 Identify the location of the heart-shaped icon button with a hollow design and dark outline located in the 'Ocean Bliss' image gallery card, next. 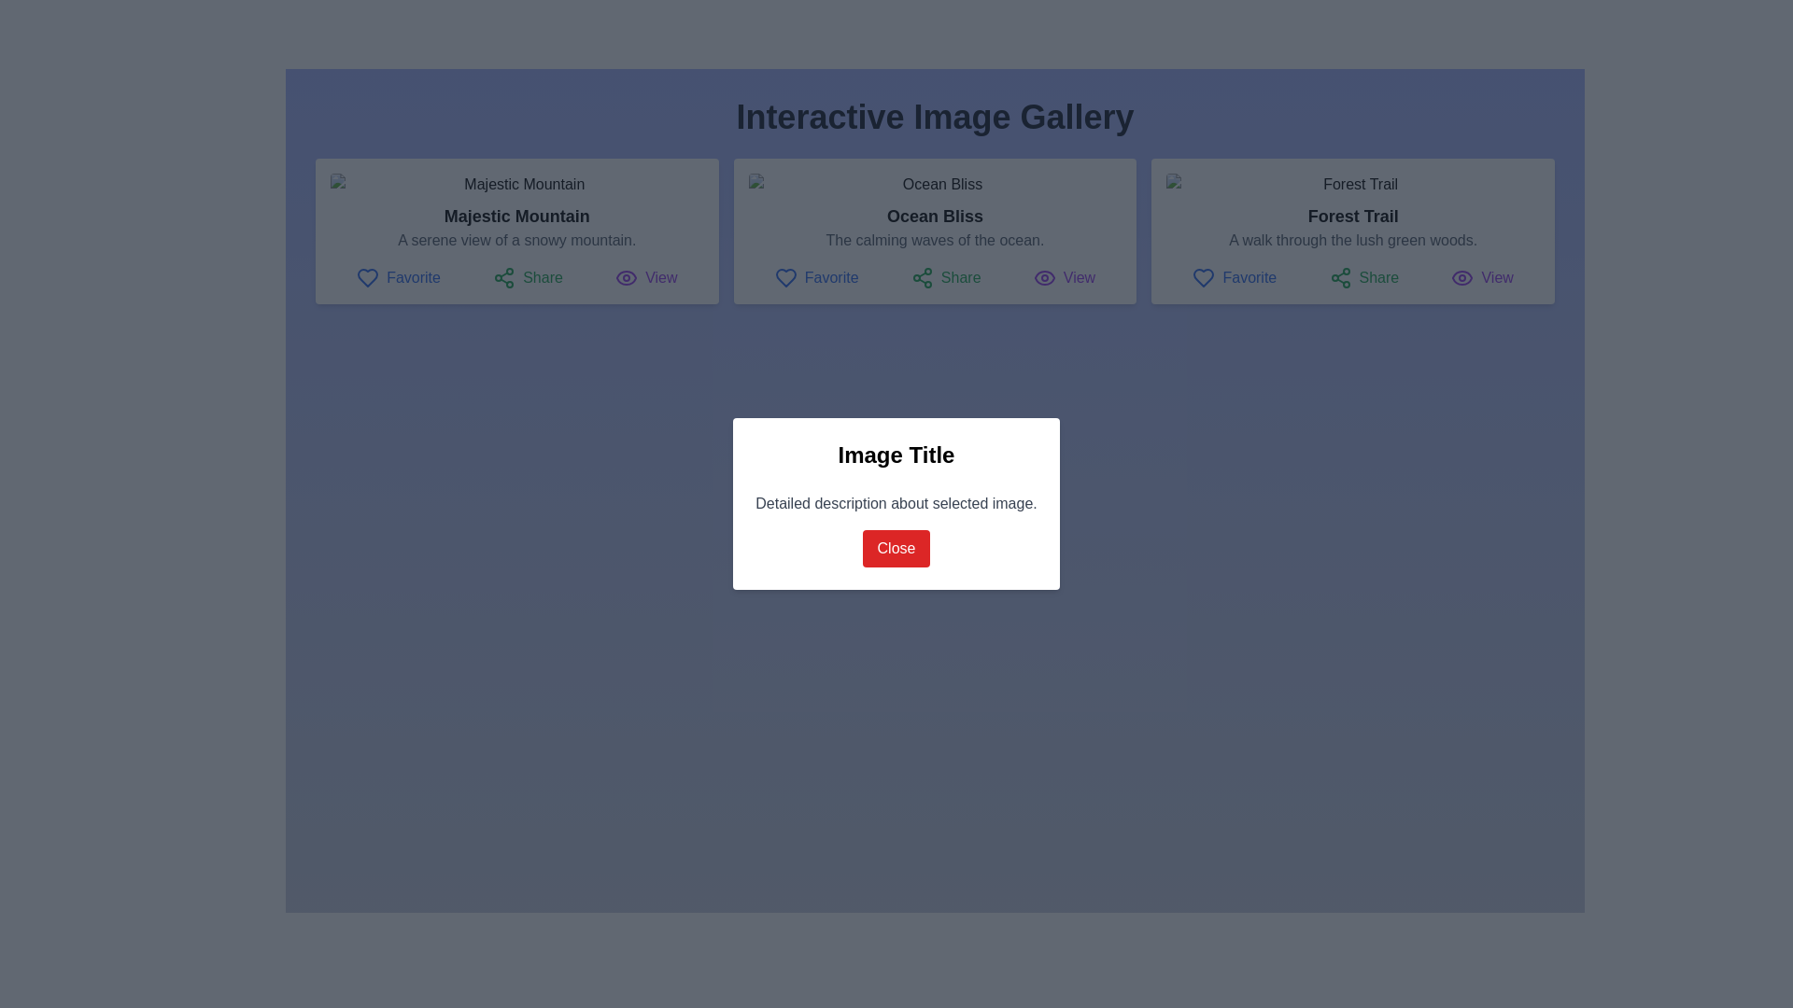
(785, 277).